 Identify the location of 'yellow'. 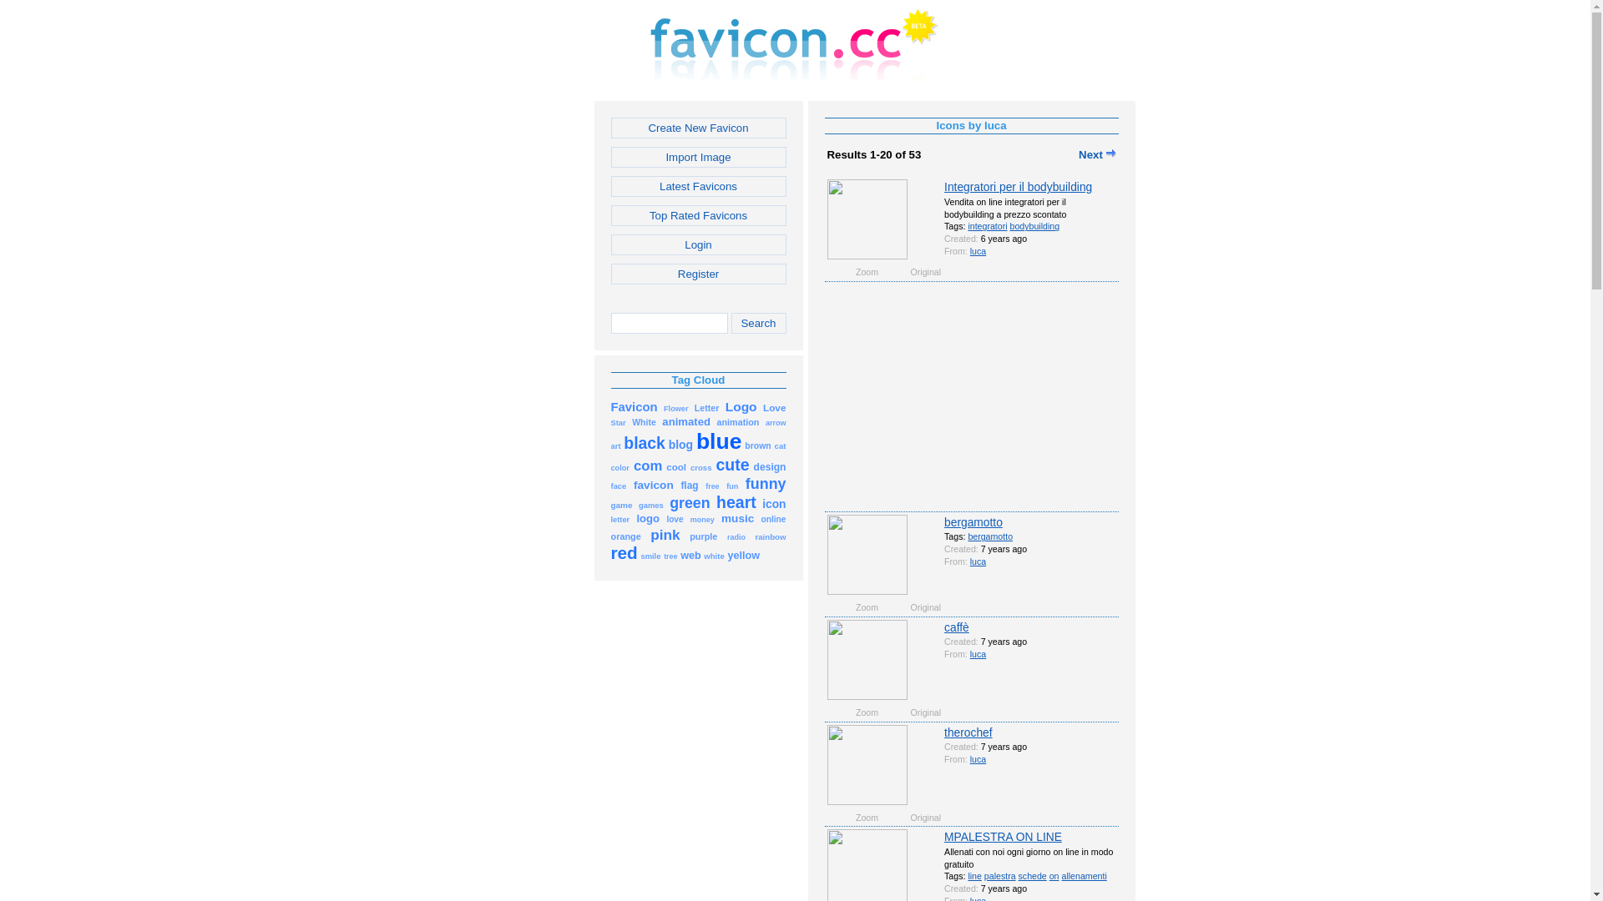
(742, 555).